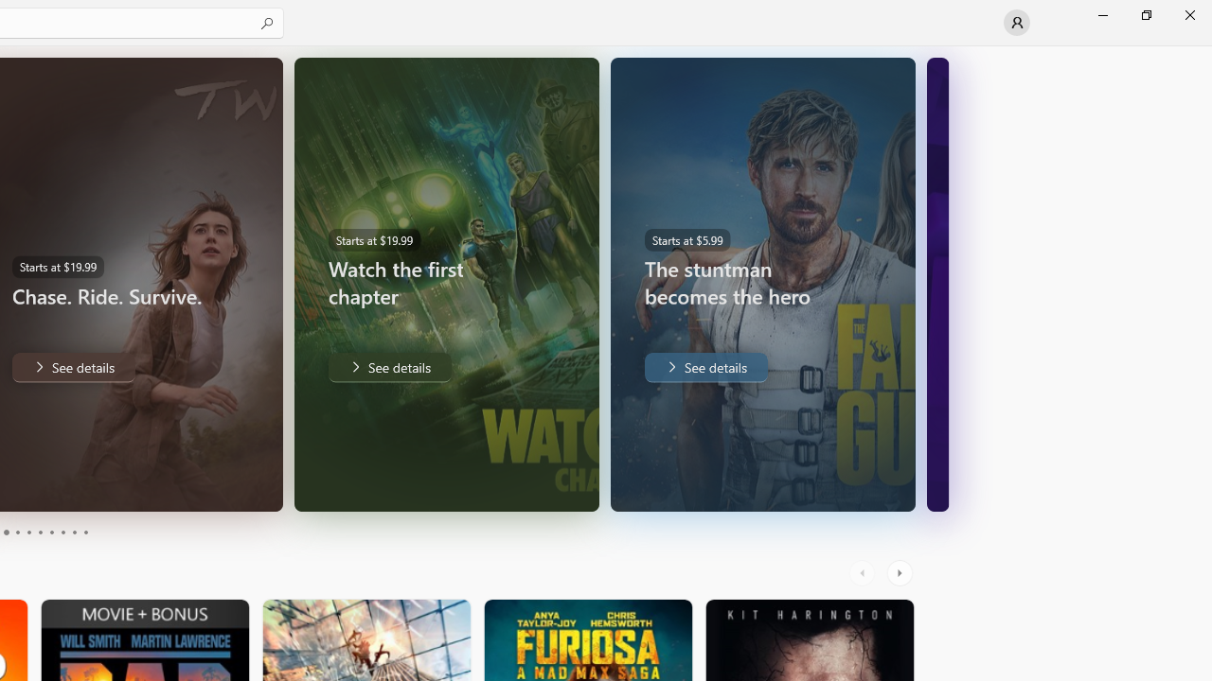  What do you see at coordinates (74, 533) in the screenshot?
I see `'Page 9'` at bounding box center [74, 533].